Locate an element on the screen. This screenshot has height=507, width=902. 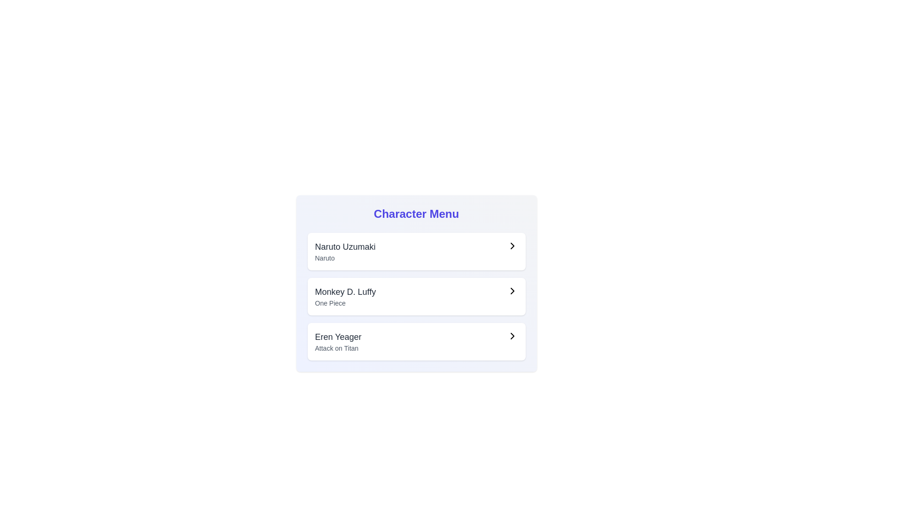
the text element displaying 'Eren Yeager' to use it as a reference for selecting the associated list item is located at coordinates (338, 336).